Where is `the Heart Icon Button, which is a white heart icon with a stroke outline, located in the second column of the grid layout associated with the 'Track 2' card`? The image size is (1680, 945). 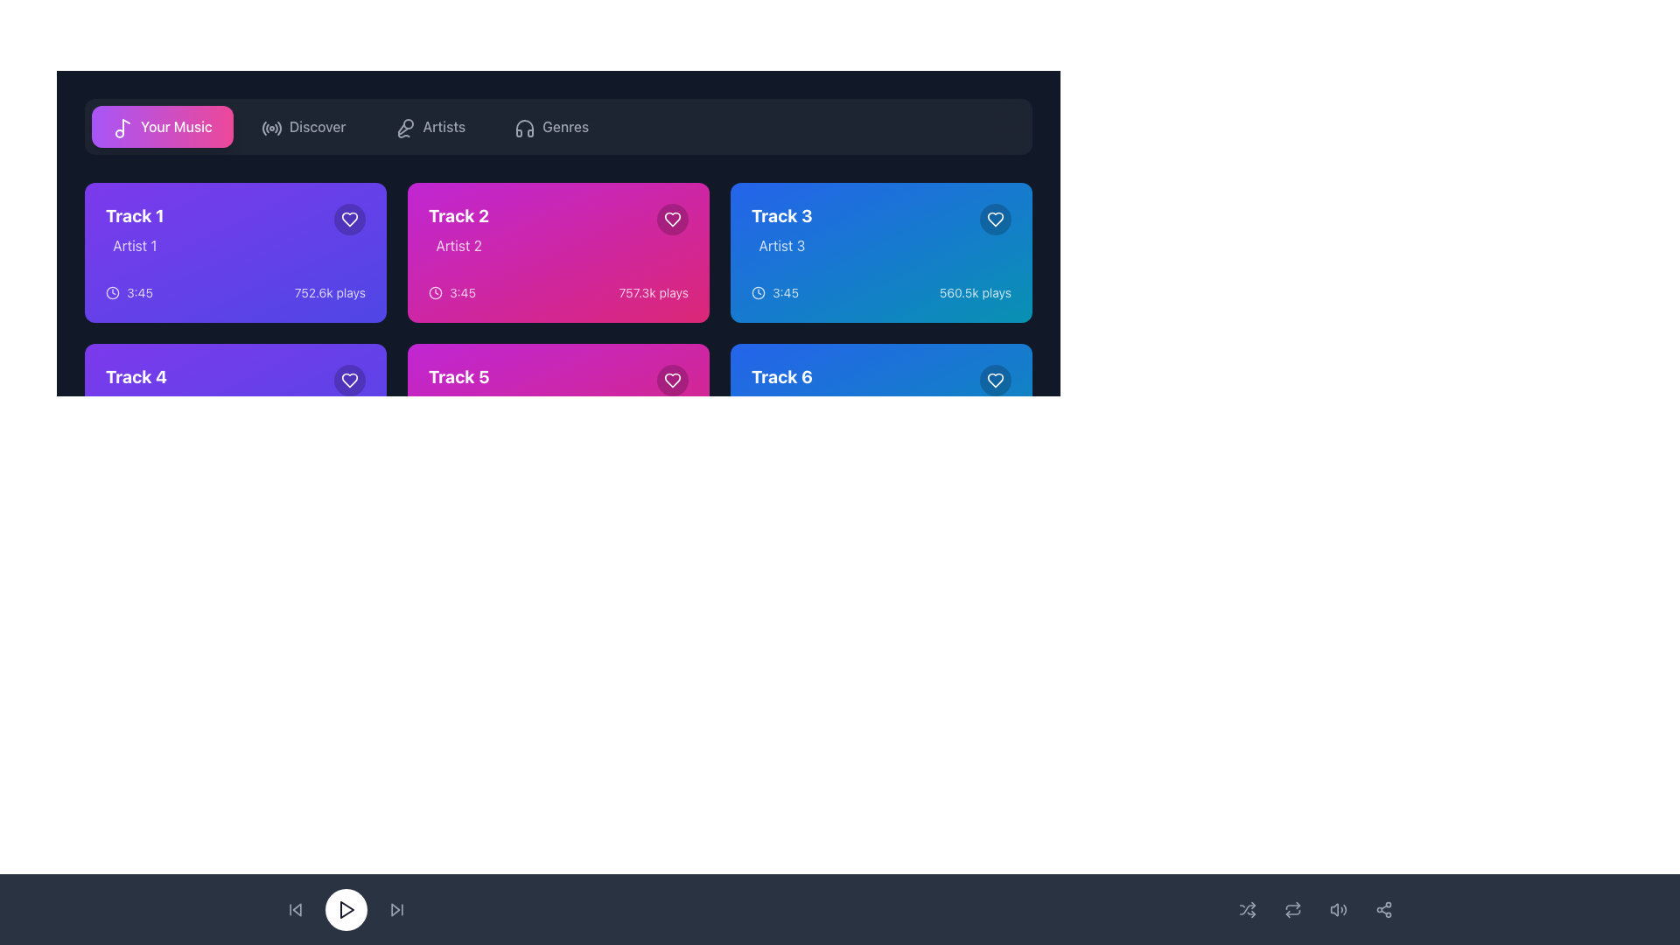
the Heart Icon Button, which is a white heart icon with a stroke outline, located in the second column of the grid layout associated with the 'Track 2' card is located at coordinates (671, 218).